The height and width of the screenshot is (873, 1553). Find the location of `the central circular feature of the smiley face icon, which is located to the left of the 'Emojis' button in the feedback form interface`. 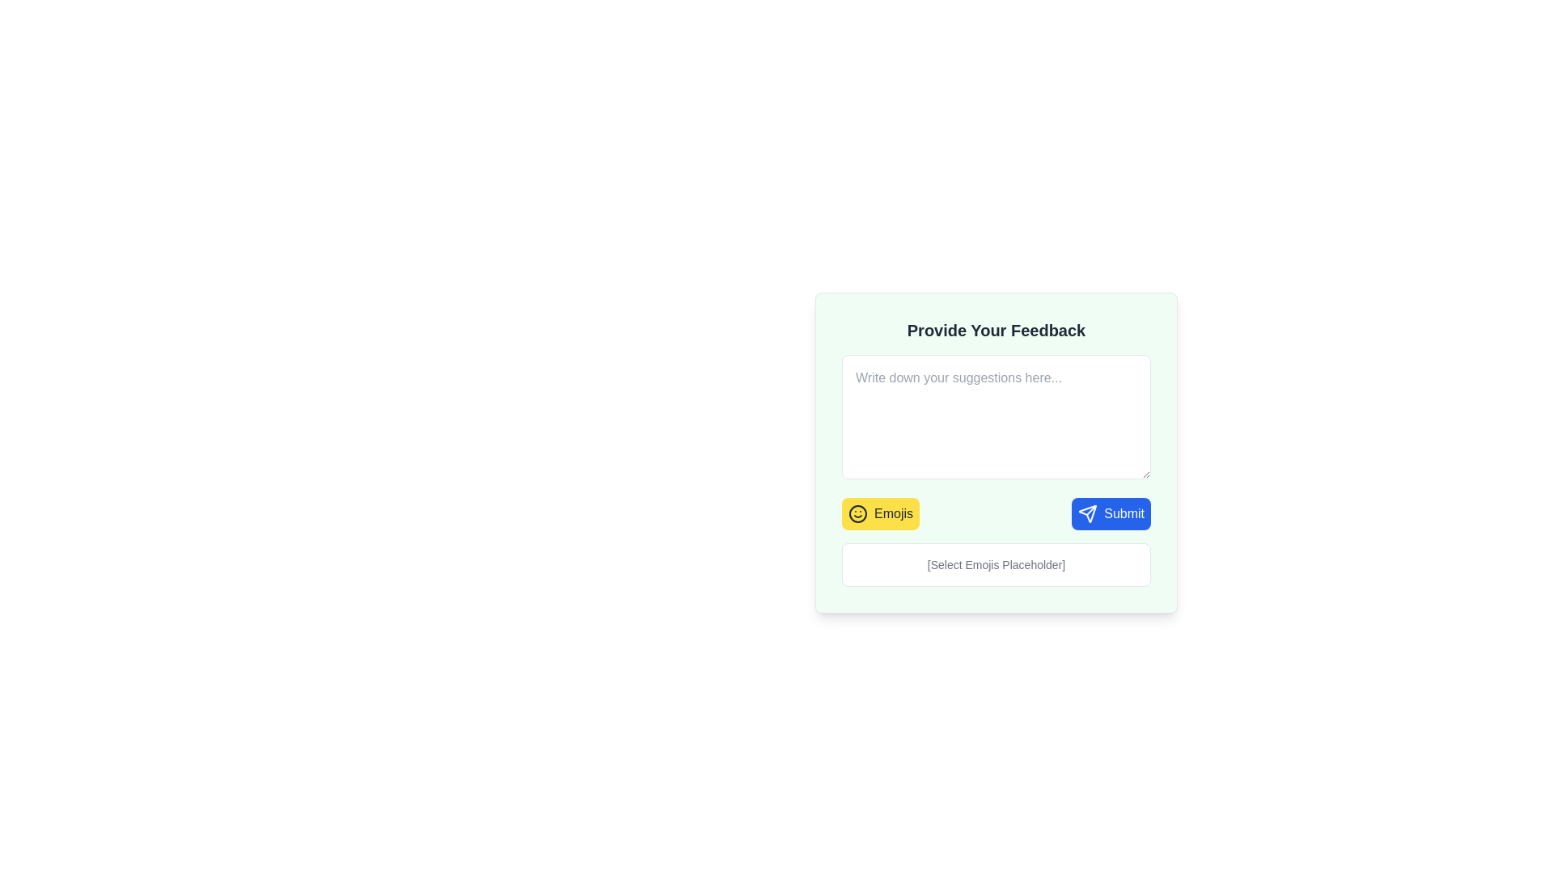

the central circular feature of the smiley face icon, which is located to the left of the 'Emojis' button in the feedback form interface is located at coordinates (857, 514).